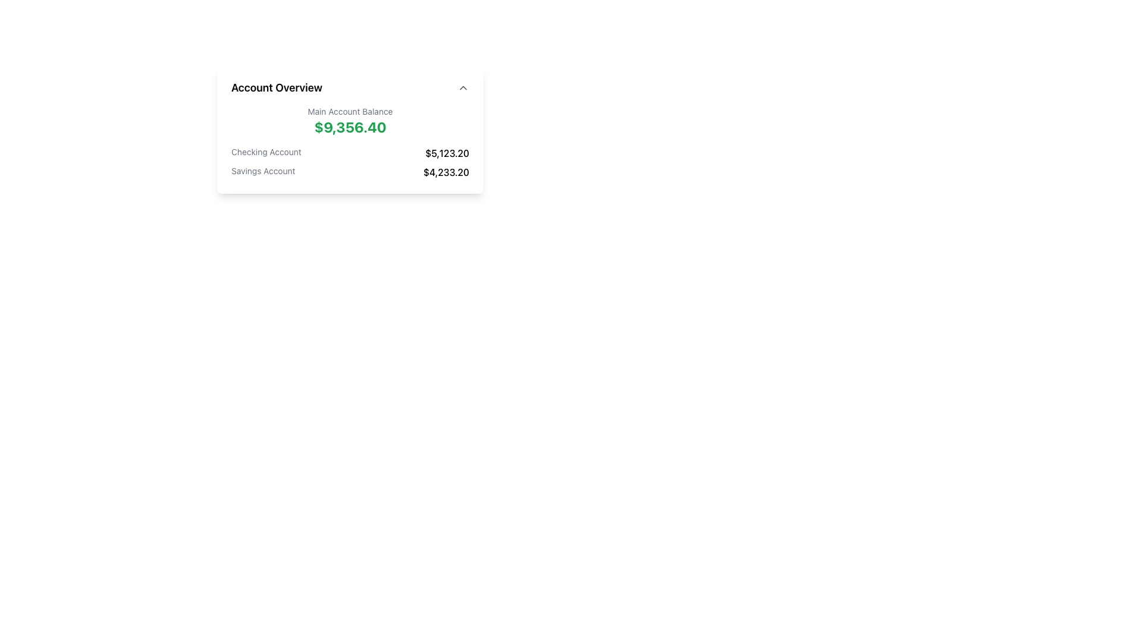 This screenshot has width=1142, height=642. I want to click on context text from the text label indicating the primary account balance above the amount '$9,356.40', so click(350, 112).